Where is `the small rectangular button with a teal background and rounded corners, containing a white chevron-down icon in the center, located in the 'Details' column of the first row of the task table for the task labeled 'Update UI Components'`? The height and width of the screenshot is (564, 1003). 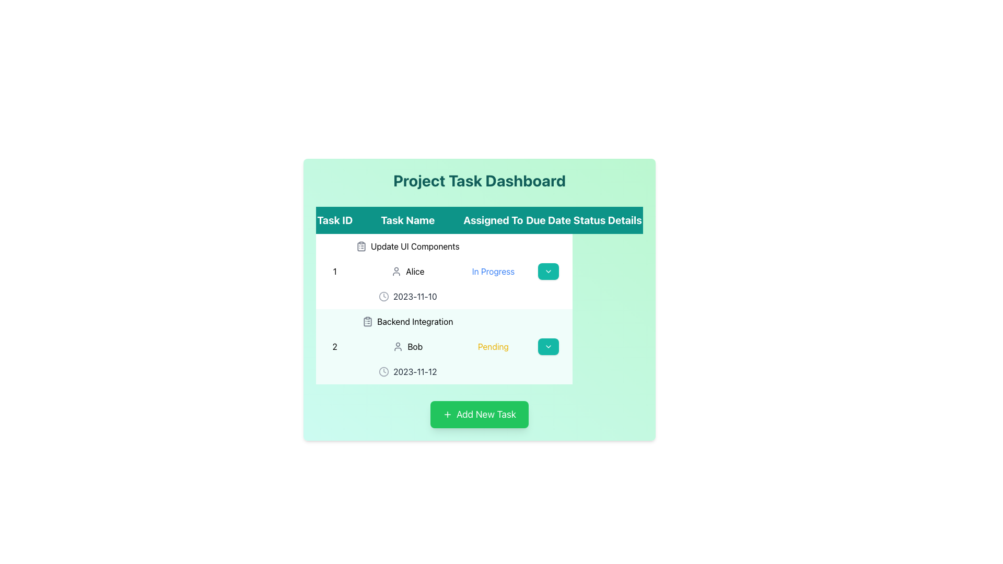
the small rectangular button with a teal background and rounded corners, containing a white chevron-down icon in the center, located in the 'Details' column of the first row of the task table for the task labeled 'Update UI Components' is located at coordinates (548, 271).